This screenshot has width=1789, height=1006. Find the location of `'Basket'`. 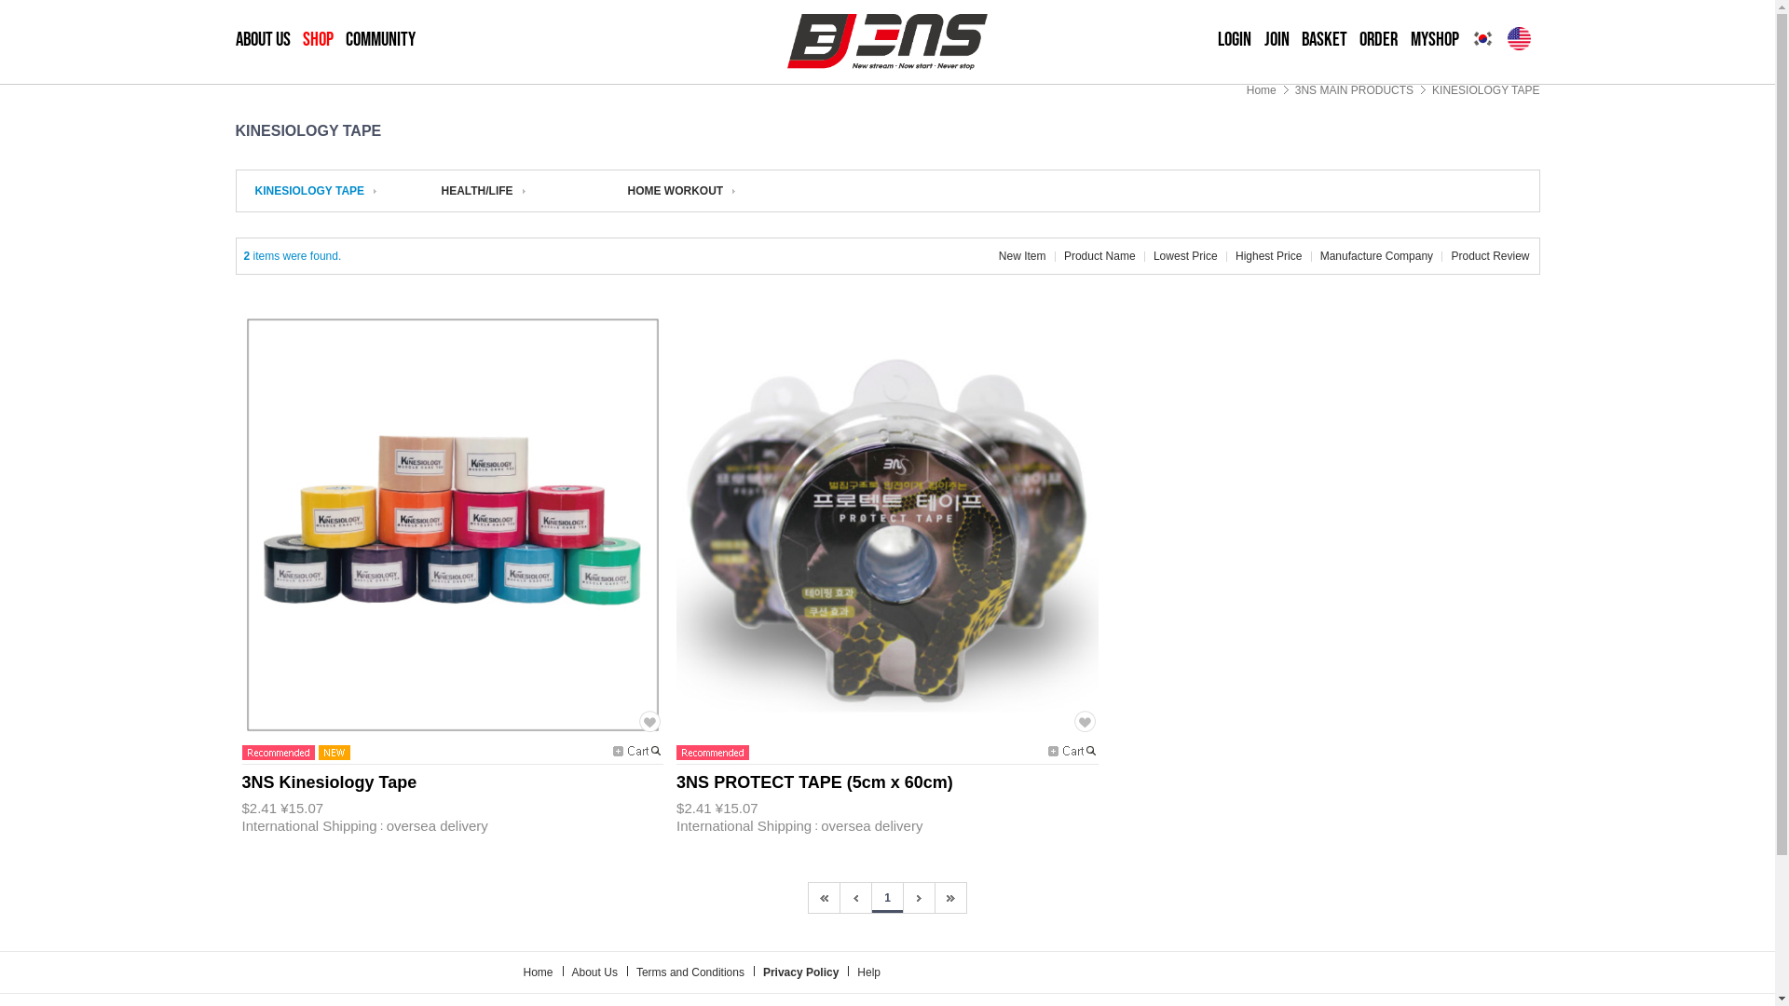

'Basket' is located at coordinates (1323, 39).